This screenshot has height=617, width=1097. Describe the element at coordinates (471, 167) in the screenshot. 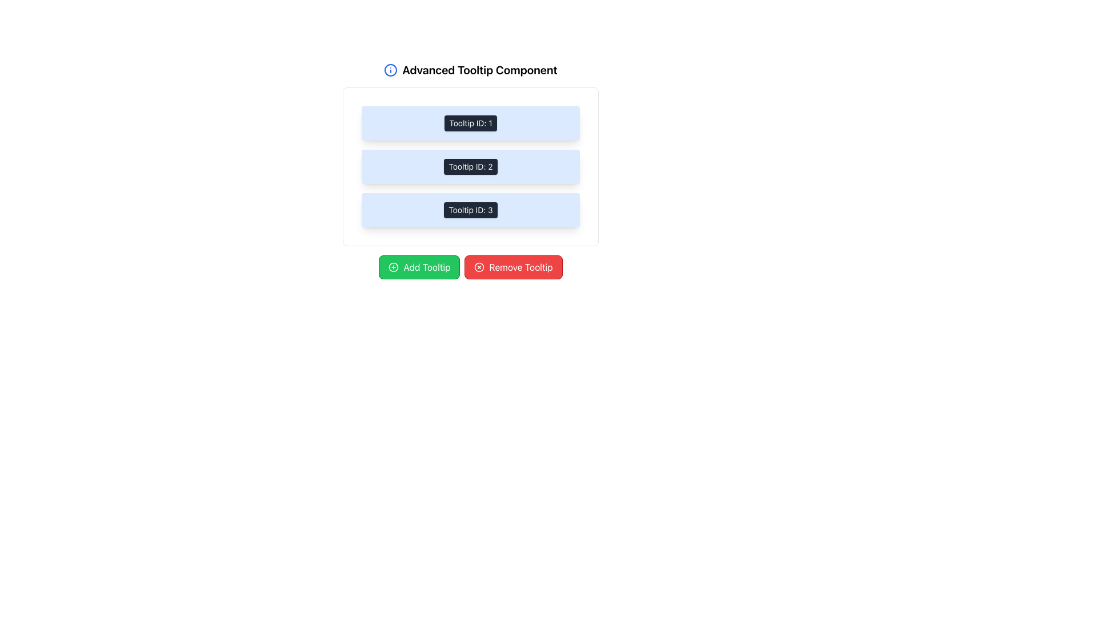

I see `the text displayed in the second Tooltip label, which provides additional context or information, located between 'Tooltip ID: 1' and 'Tooltip ID: 3'` at that location.